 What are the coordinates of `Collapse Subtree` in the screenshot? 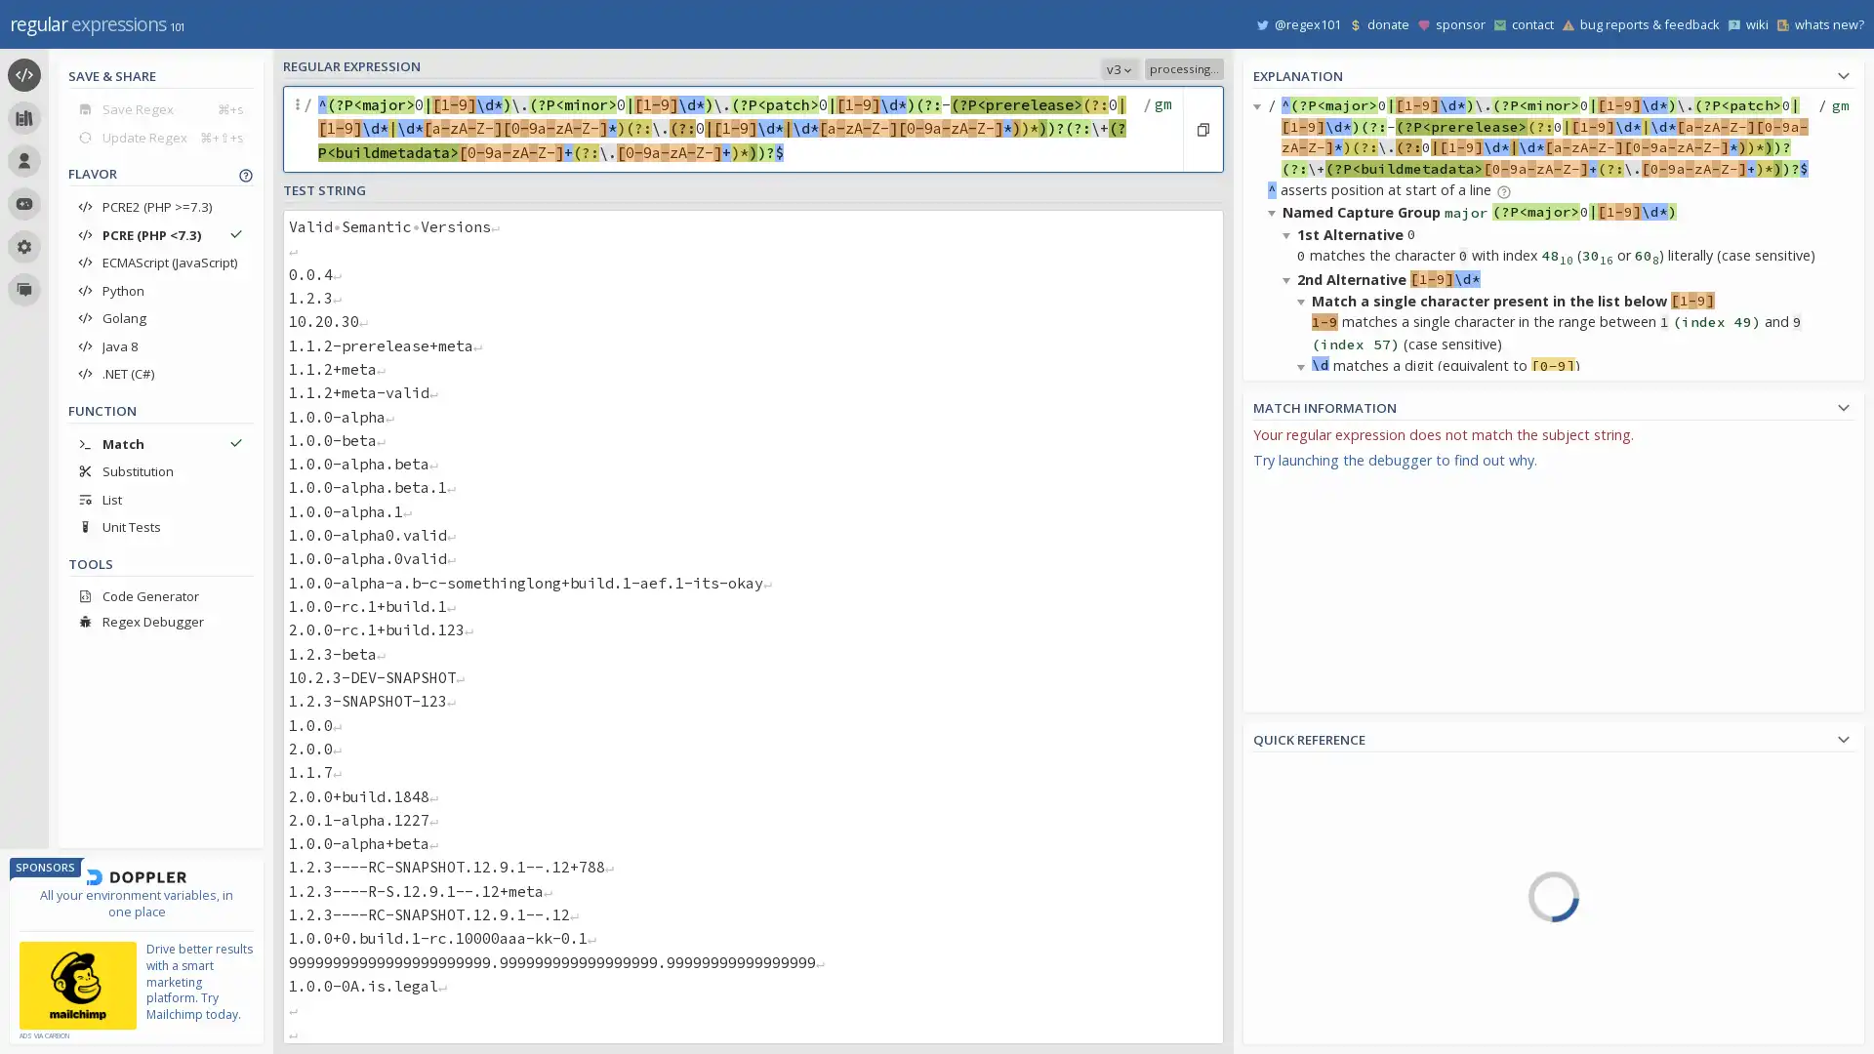 It's located at (1289, 721).